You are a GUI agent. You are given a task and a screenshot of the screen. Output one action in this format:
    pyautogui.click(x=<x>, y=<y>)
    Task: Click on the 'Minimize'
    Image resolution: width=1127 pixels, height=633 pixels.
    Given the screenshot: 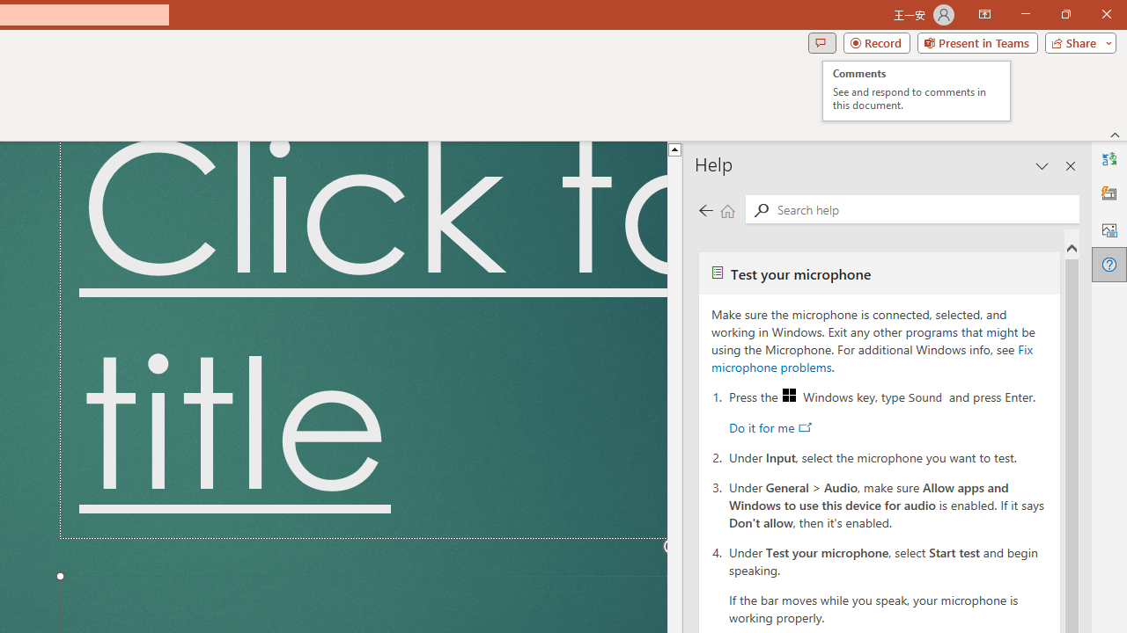 What is the action you would take?
    pyautogui.click(x=1025, y=14)
    